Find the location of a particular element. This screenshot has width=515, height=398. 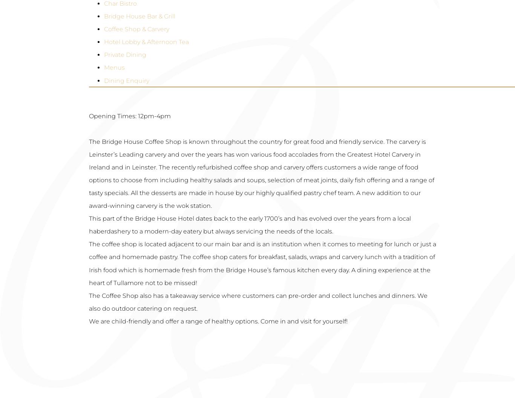

'Spa Enquiry' is located at coordinates (150, 321).